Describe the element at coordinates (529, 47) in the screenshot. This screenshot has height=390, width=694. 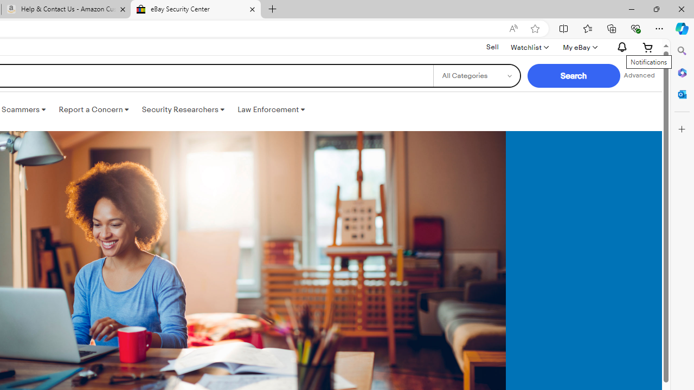
I see `'Watchlist'` at that location.